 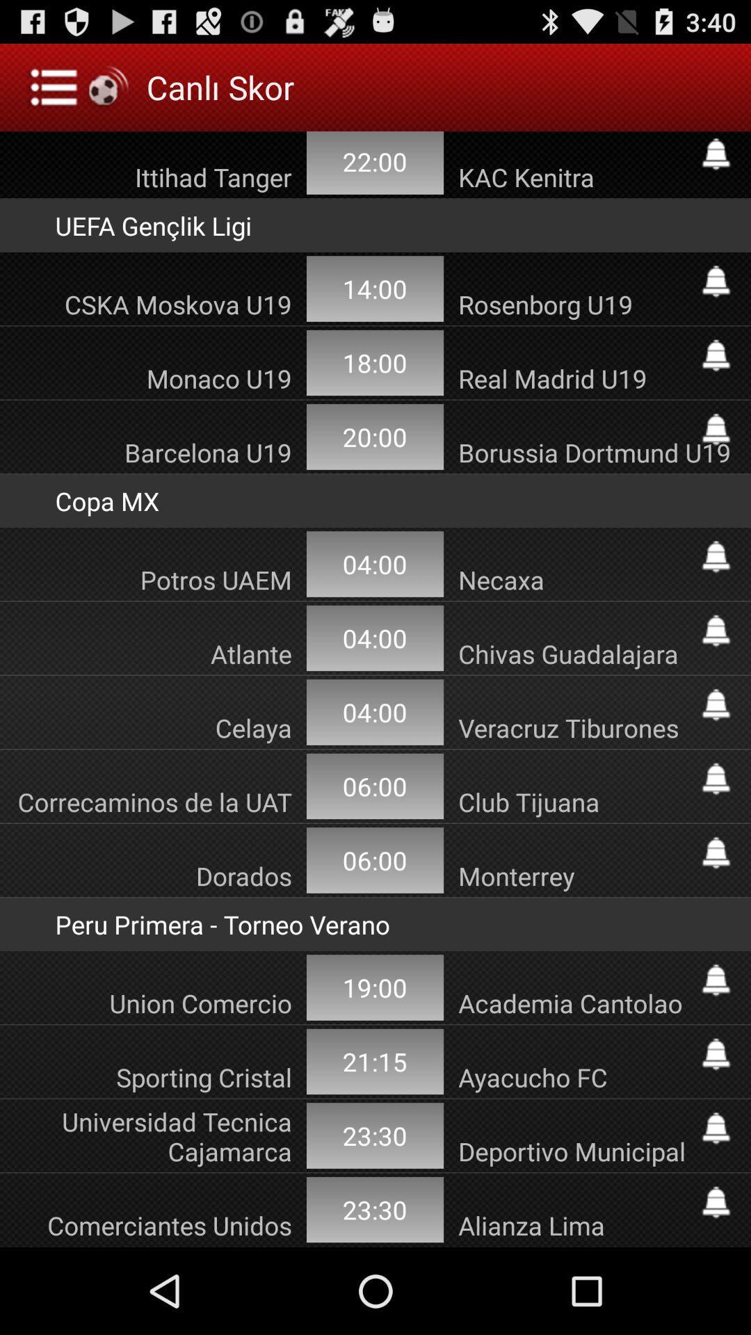 What do you see at coordinates (716, 630) in the screenshot?
I see `turn on notification` at bounding box center [716, 630].